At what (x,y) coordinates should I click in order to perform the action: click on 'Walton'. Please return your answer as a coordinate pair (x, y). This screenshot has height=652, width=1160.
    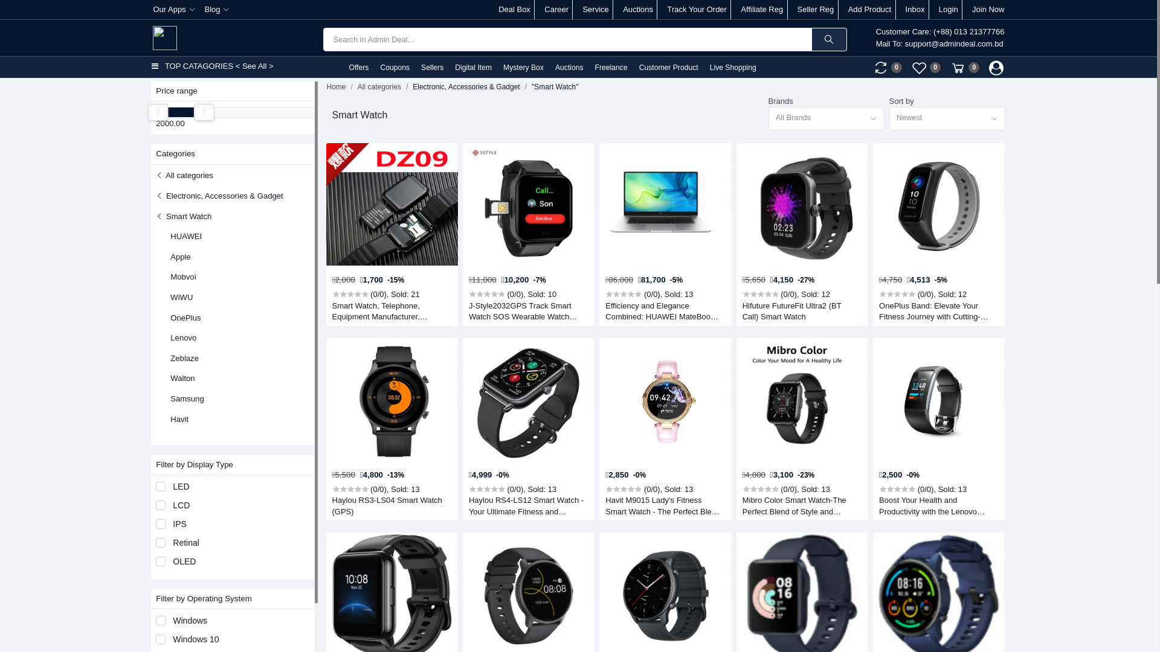
    Looking at the image, I should click on (182, 377).